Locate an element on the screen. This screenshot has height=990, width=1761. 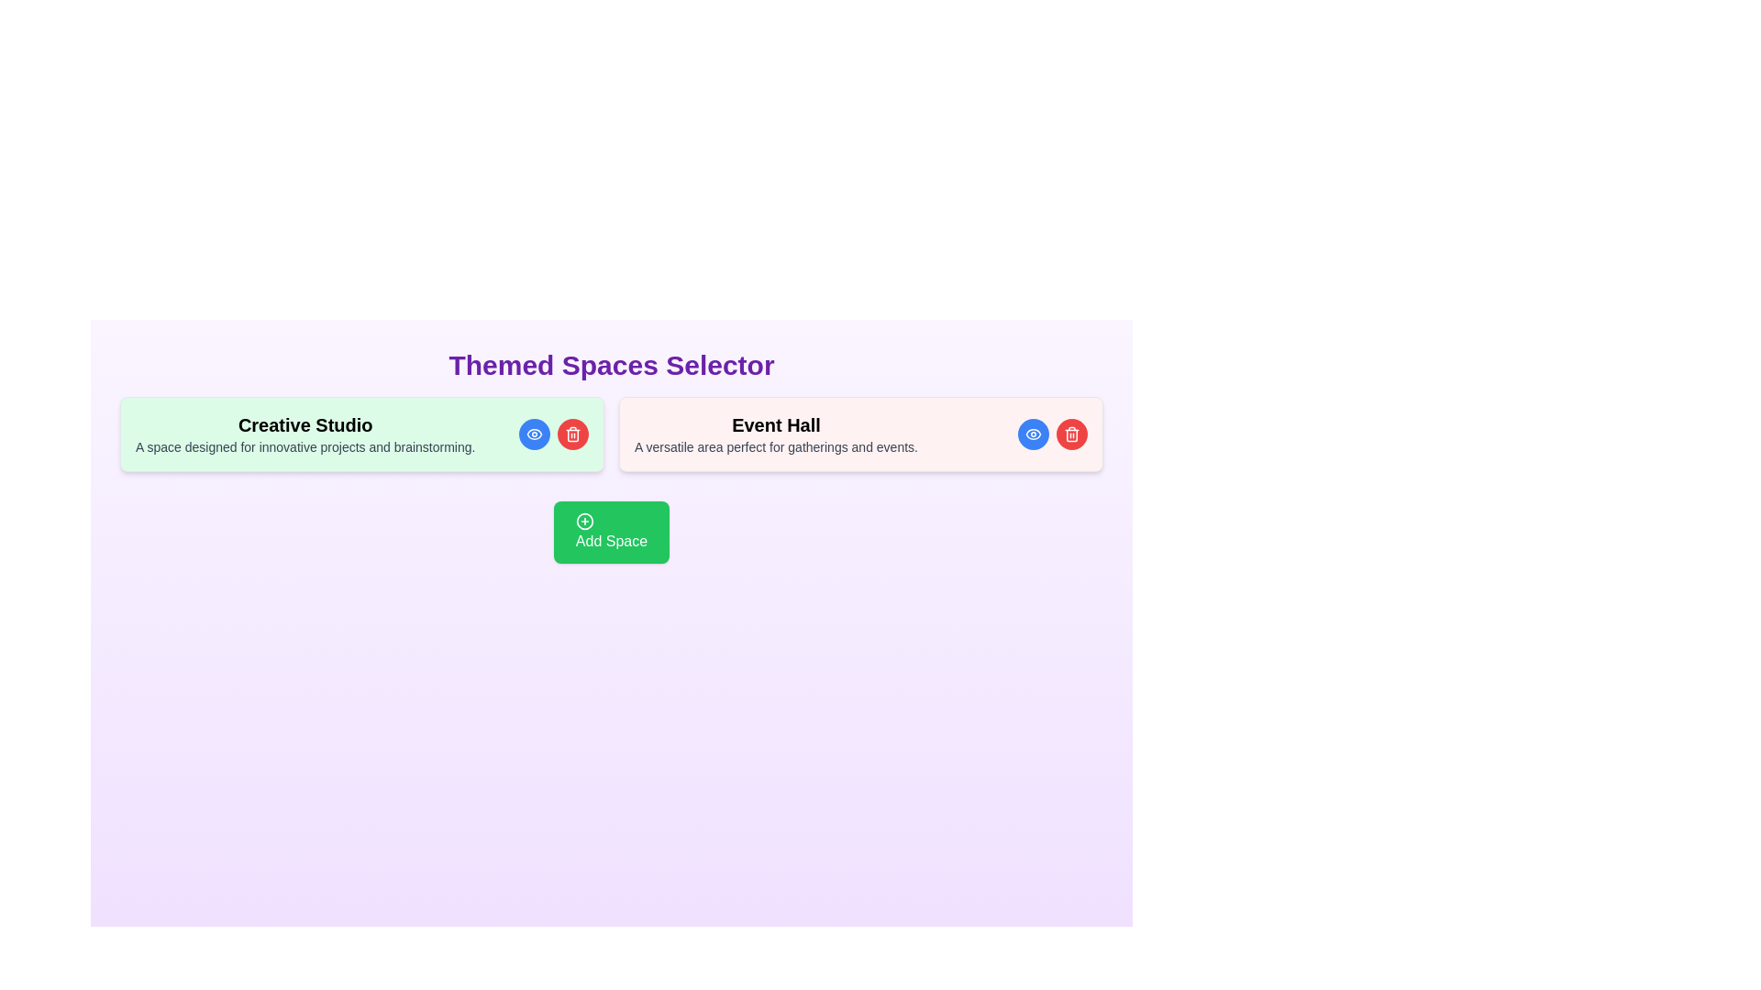
the trash can icon with a red background located to the right of the 'Event Hall' section is located at coordinates (1072, 434).